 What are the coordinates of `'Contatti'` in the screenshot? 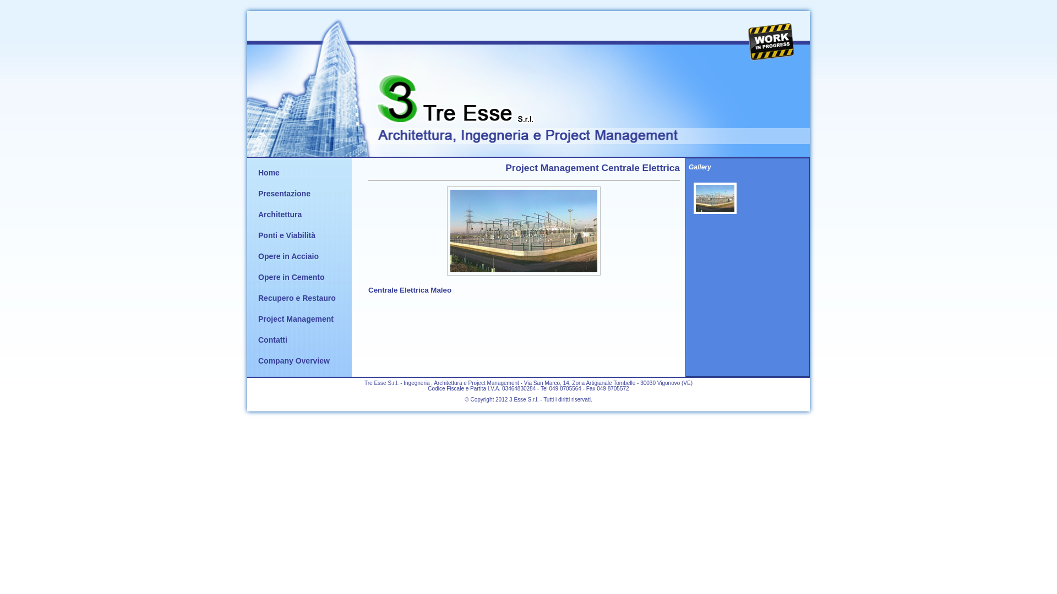 It's located at (258, 339).